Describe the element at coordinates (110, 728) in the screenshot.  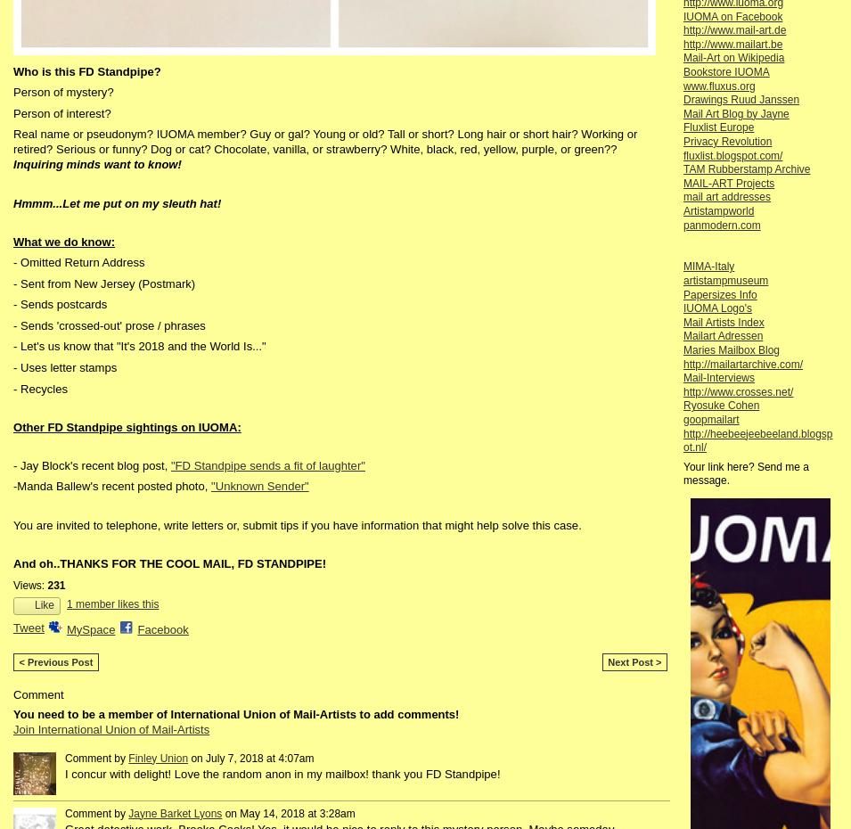
I see `'Join International Union of Mail-Artists'` at that location.